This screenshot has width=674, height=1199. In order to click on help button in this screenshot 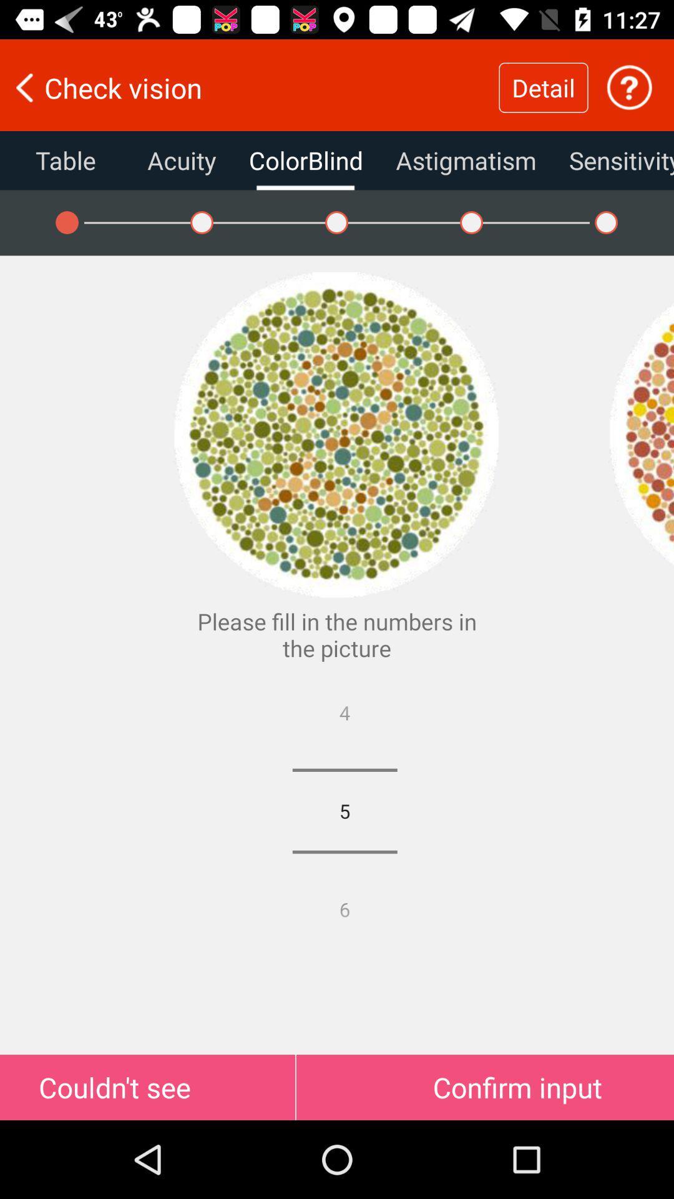, I will do `click(629, 87)`.